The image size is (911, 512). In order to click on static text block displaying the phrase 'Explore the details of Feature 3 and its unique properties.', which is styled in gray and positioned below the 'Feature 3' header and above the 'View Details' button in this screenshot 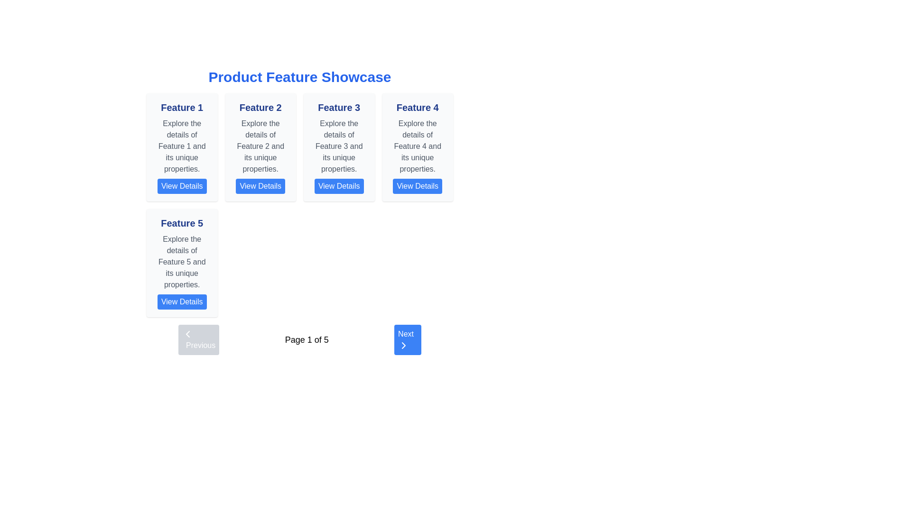, I will do `click(339, 146)`.